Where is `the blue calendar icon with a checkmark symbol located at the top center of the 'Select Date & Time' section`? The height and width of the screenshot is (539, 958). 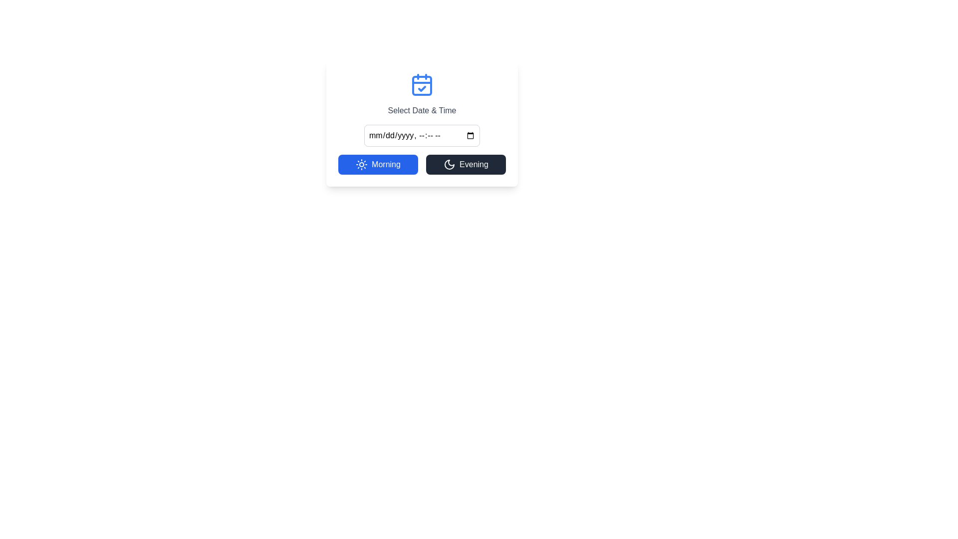
the blue calendar icon with a checkmark symbol located at the top center of the 'Select Date & Time' section is located at coordinates (422, 84).